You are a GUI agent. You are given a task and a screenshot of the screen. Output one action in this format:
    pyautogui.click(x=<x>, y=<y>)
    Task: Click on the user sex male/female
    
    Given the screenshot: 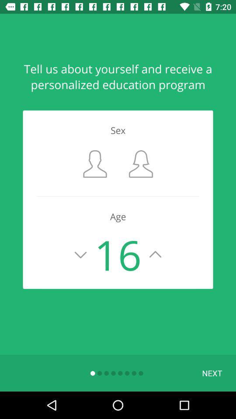 What is the action you would take?
    pyautogui.click(x=94, y=163)
    